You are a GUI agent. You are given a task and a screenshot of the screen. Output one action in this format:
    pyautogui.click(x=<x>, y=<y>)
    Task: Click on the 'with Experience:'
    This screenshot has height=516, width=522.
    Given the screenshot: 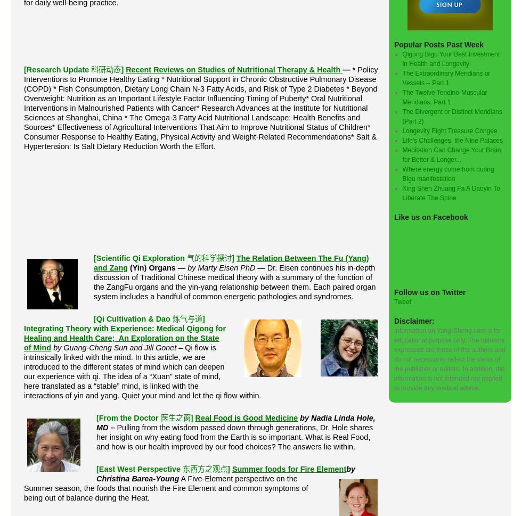 What is the action you would take?
    pyautogui.click(x=125, y=327)
    